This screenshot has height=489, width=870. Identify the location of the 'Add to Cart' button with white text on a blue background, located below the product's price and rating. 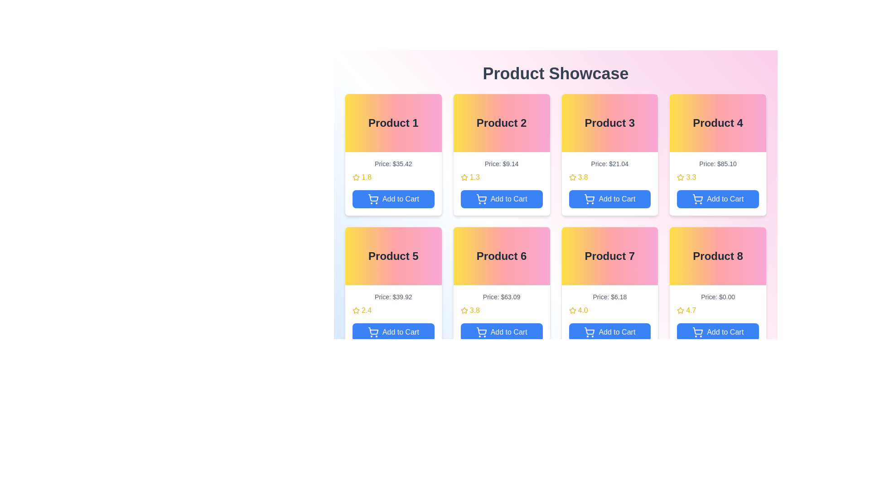
(609, 198).